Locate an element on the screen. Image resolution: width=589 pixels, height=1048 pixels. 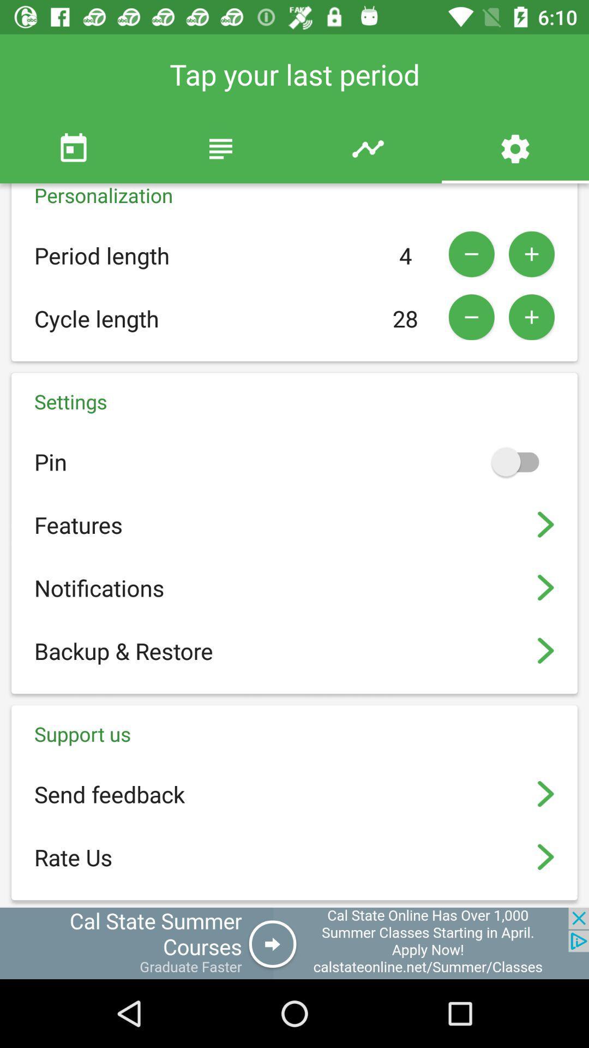
switch autoplay option is located at coordinates (520, 461).